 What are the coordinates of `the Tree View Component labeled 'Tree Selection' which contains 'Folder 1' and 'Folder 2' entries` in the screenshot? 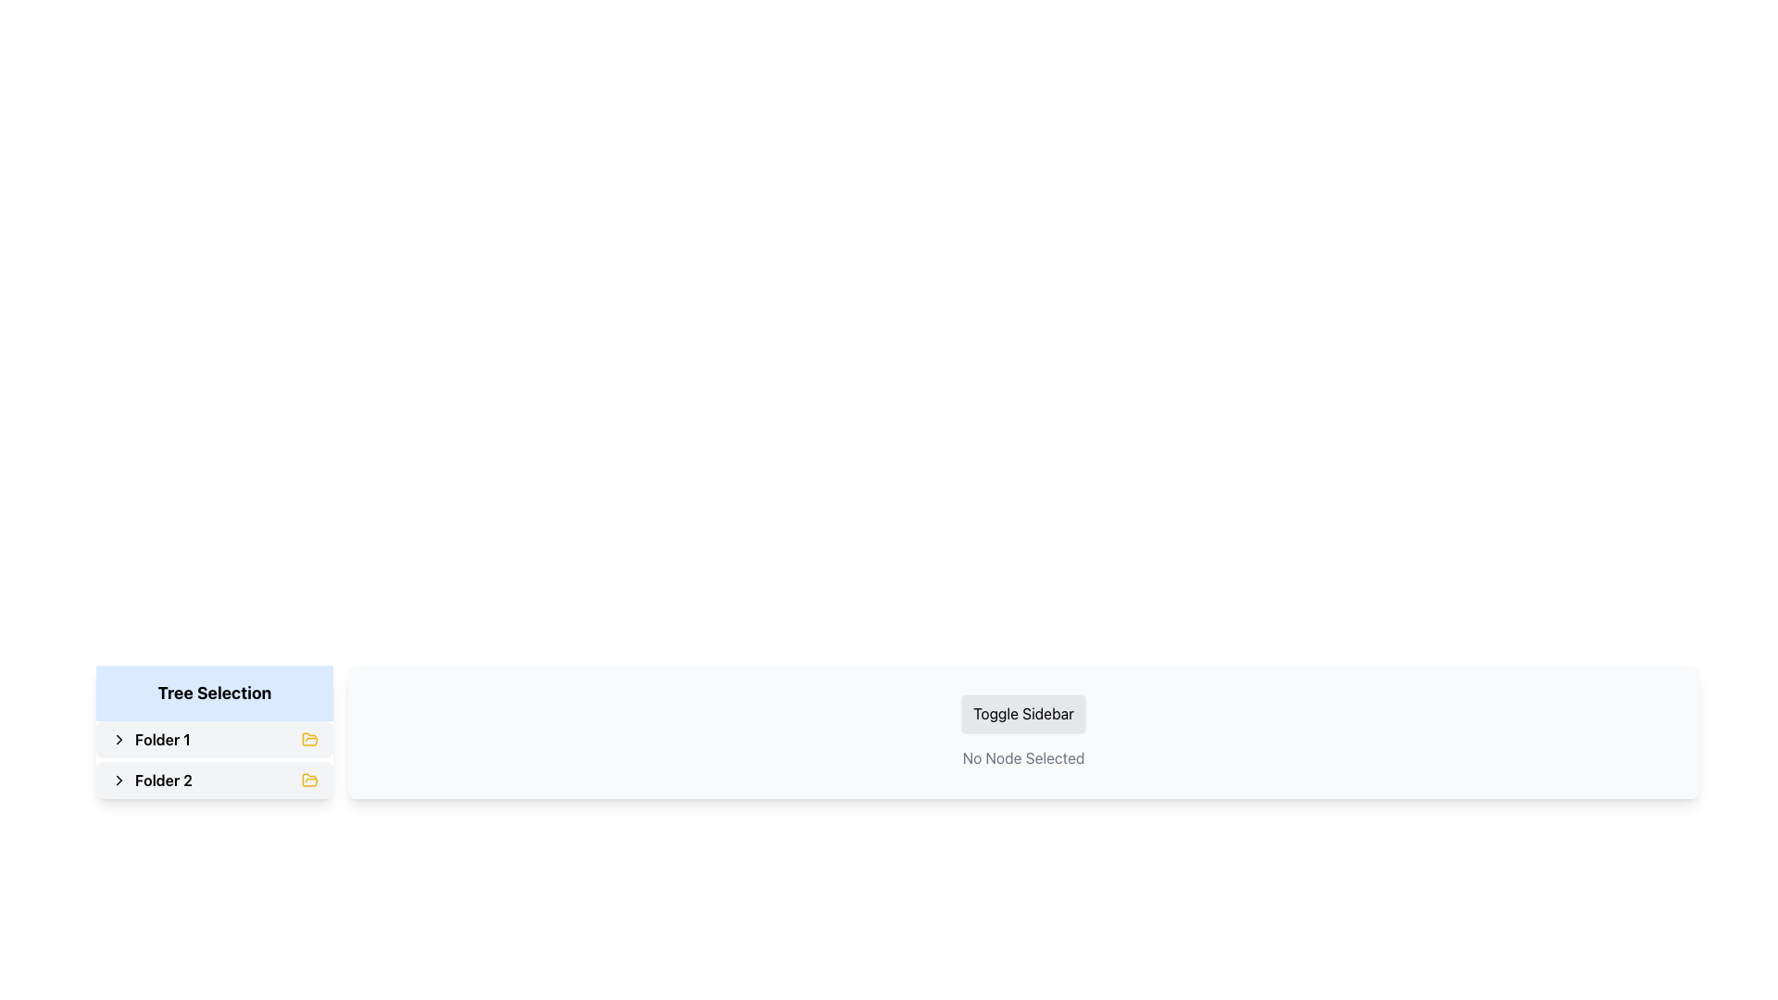 It's located at (214, 731).